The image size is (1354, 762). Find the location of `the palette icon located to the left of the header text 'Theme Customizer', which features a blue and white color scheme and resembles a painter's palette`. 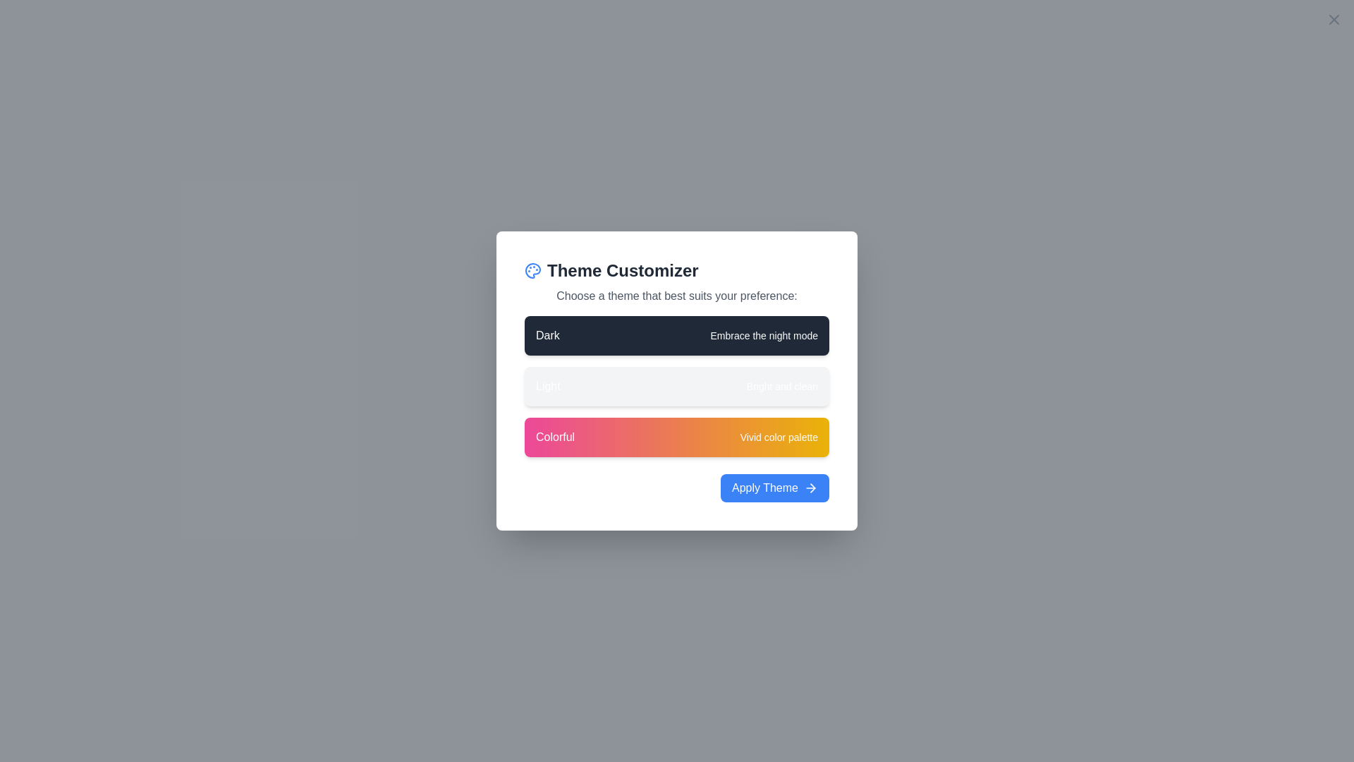

the palette icon located to the left of the header text 'Theme Customizer', which features a blue and white color scheme and resembles a painter's palette is located at coordinates (532, 271).